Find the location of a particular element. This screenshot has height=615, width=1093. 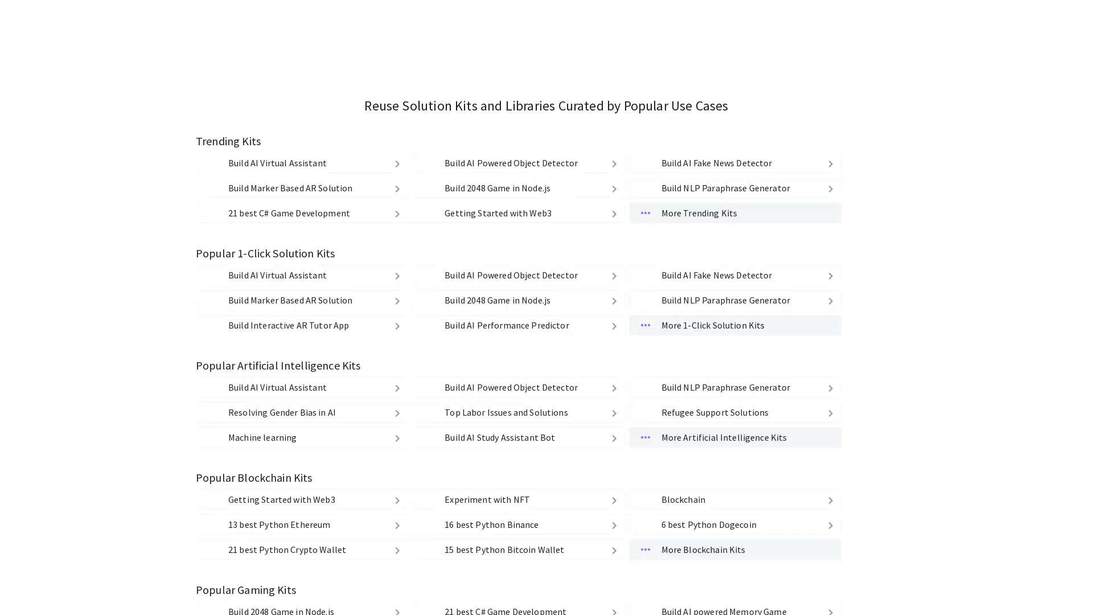

delete is located at coordinates (598, 449).